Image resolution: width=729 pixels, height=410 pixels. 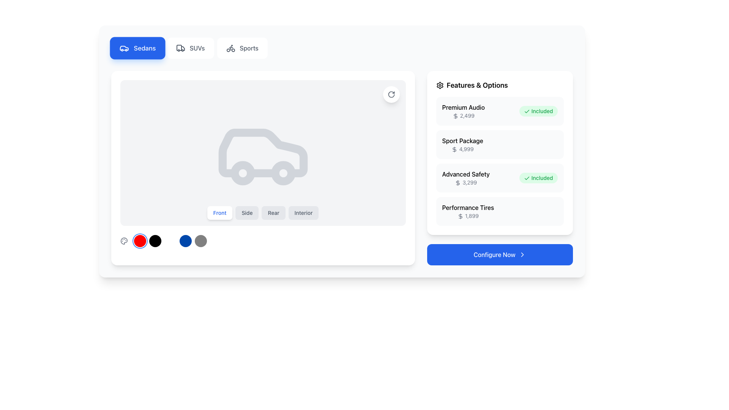 I want to click on the 'Sports' button, which is labeled with the text 'Sports' and has a bicycle icon, so click(x=242, y=48).